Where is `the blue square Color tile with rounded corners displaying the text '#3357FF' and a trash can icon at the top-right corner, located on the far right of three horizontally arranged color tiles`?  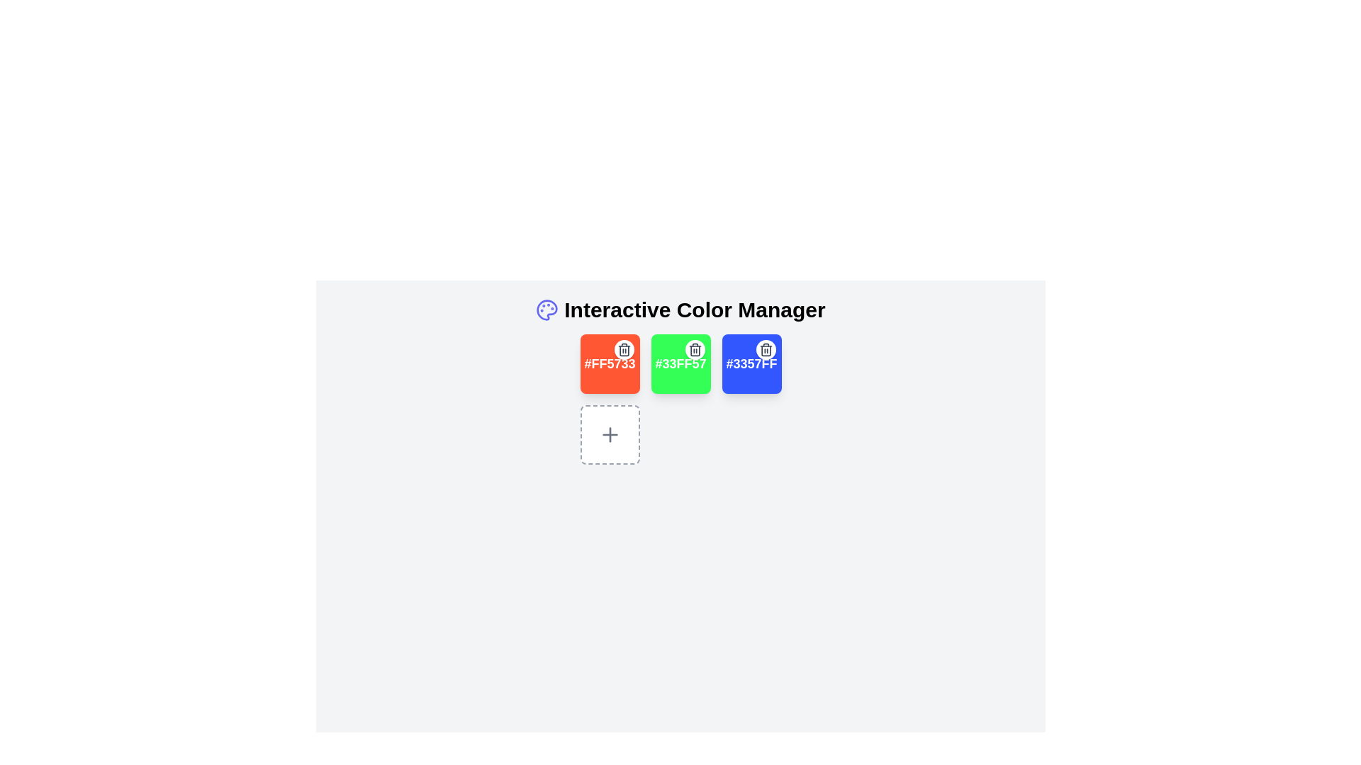
the blue square Color tile with rounded corners displaying the text '#3357FF' and a trash can icon at the top-right corner, located on the far right of three horizontally arranged color tiles is located at coordinates (751, 363).